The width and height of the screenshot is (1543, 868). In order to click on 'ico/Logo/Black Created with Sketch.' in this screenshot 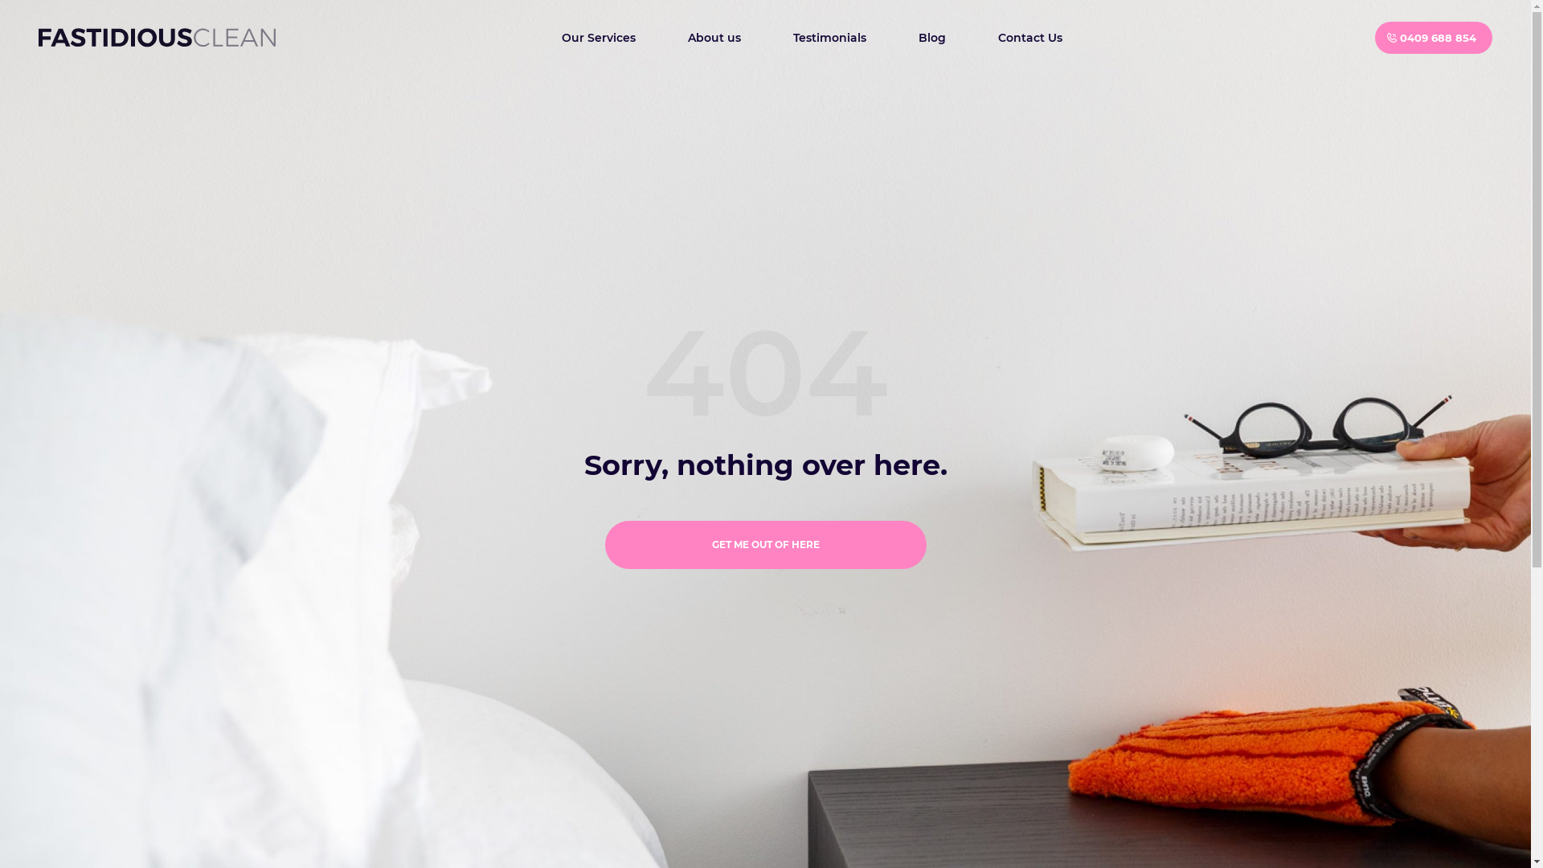, I will do `click(157, 37)`.